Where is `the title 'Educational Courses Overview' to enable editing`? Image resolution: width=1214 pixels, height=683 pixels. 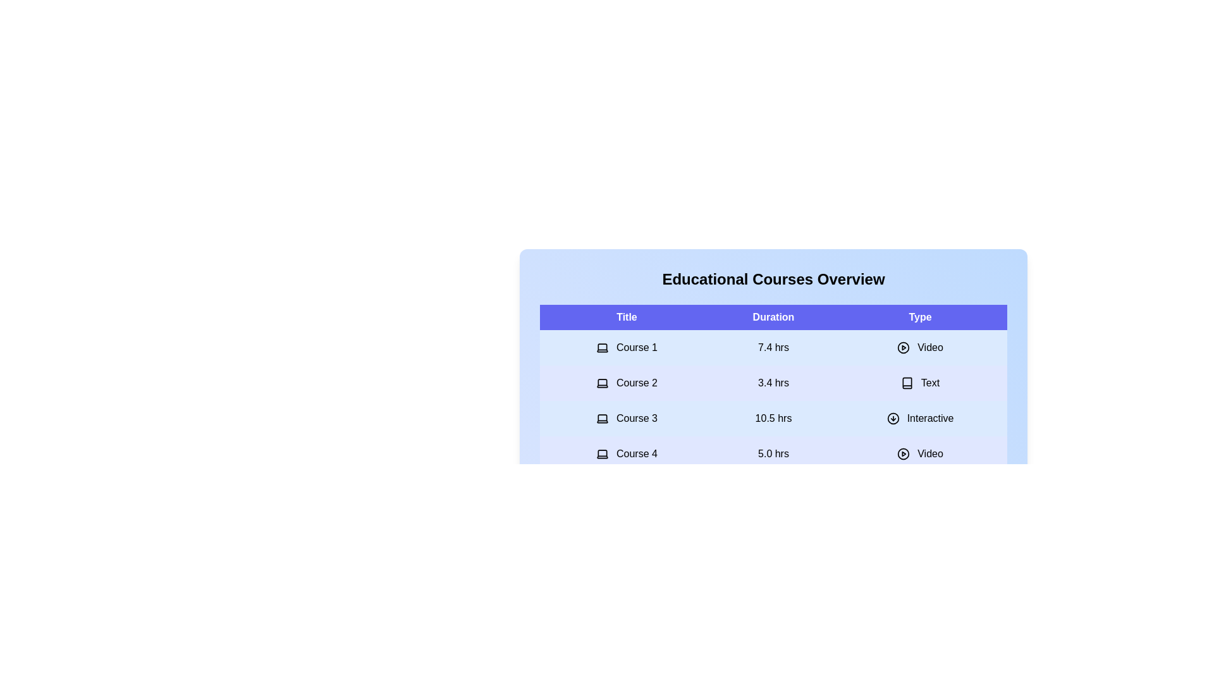
the title 'Educational Courses Overview' to enable editing is located at coordinates (773, 279).